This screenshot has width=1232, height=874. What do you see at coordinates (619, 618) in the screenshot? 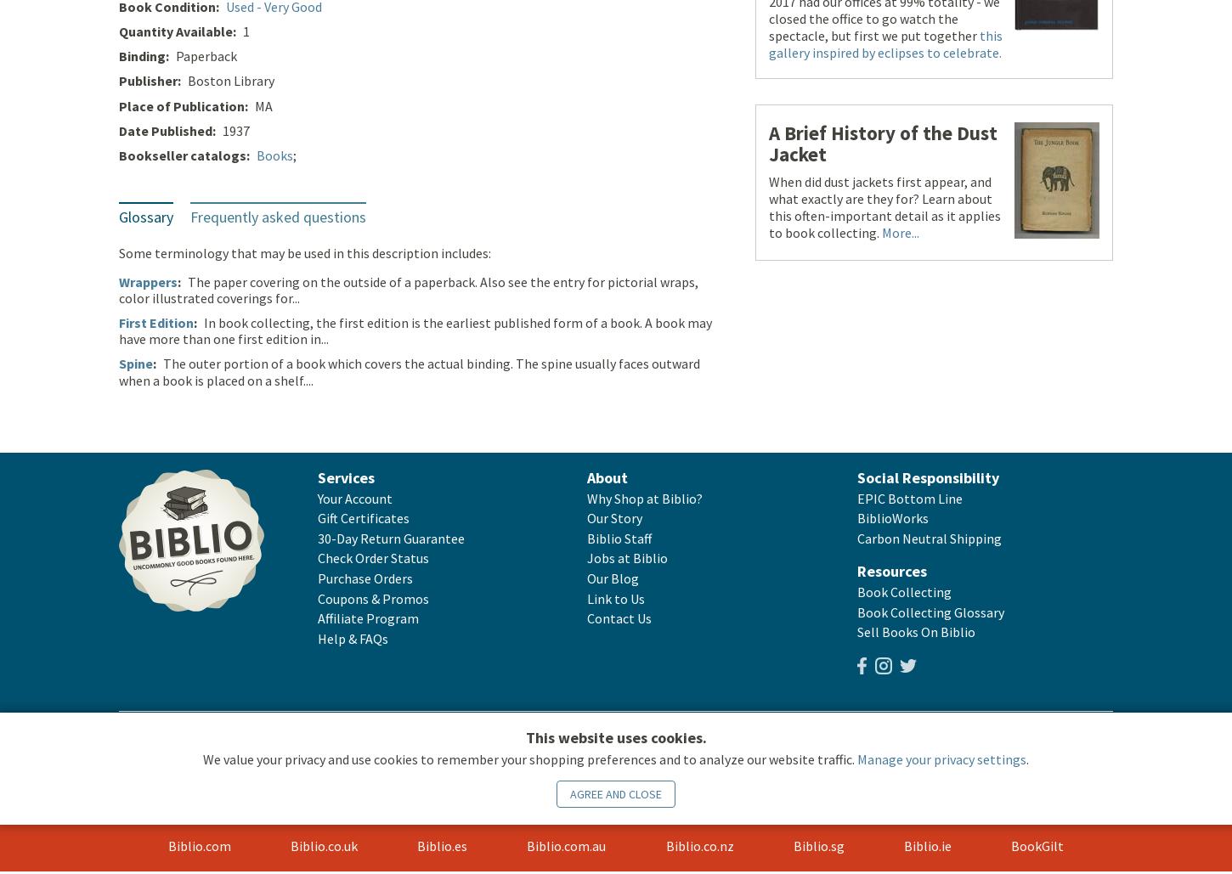
I see `'Contact Us'` at bounding box center [619, 618].